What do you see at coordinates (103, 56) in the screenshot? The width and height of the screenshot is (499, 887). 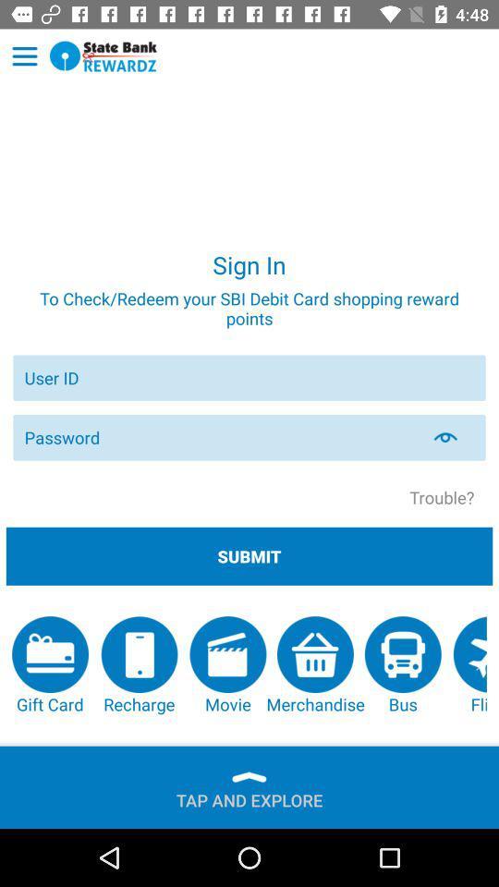 I see `homepage` at bounding box center [103, 56].